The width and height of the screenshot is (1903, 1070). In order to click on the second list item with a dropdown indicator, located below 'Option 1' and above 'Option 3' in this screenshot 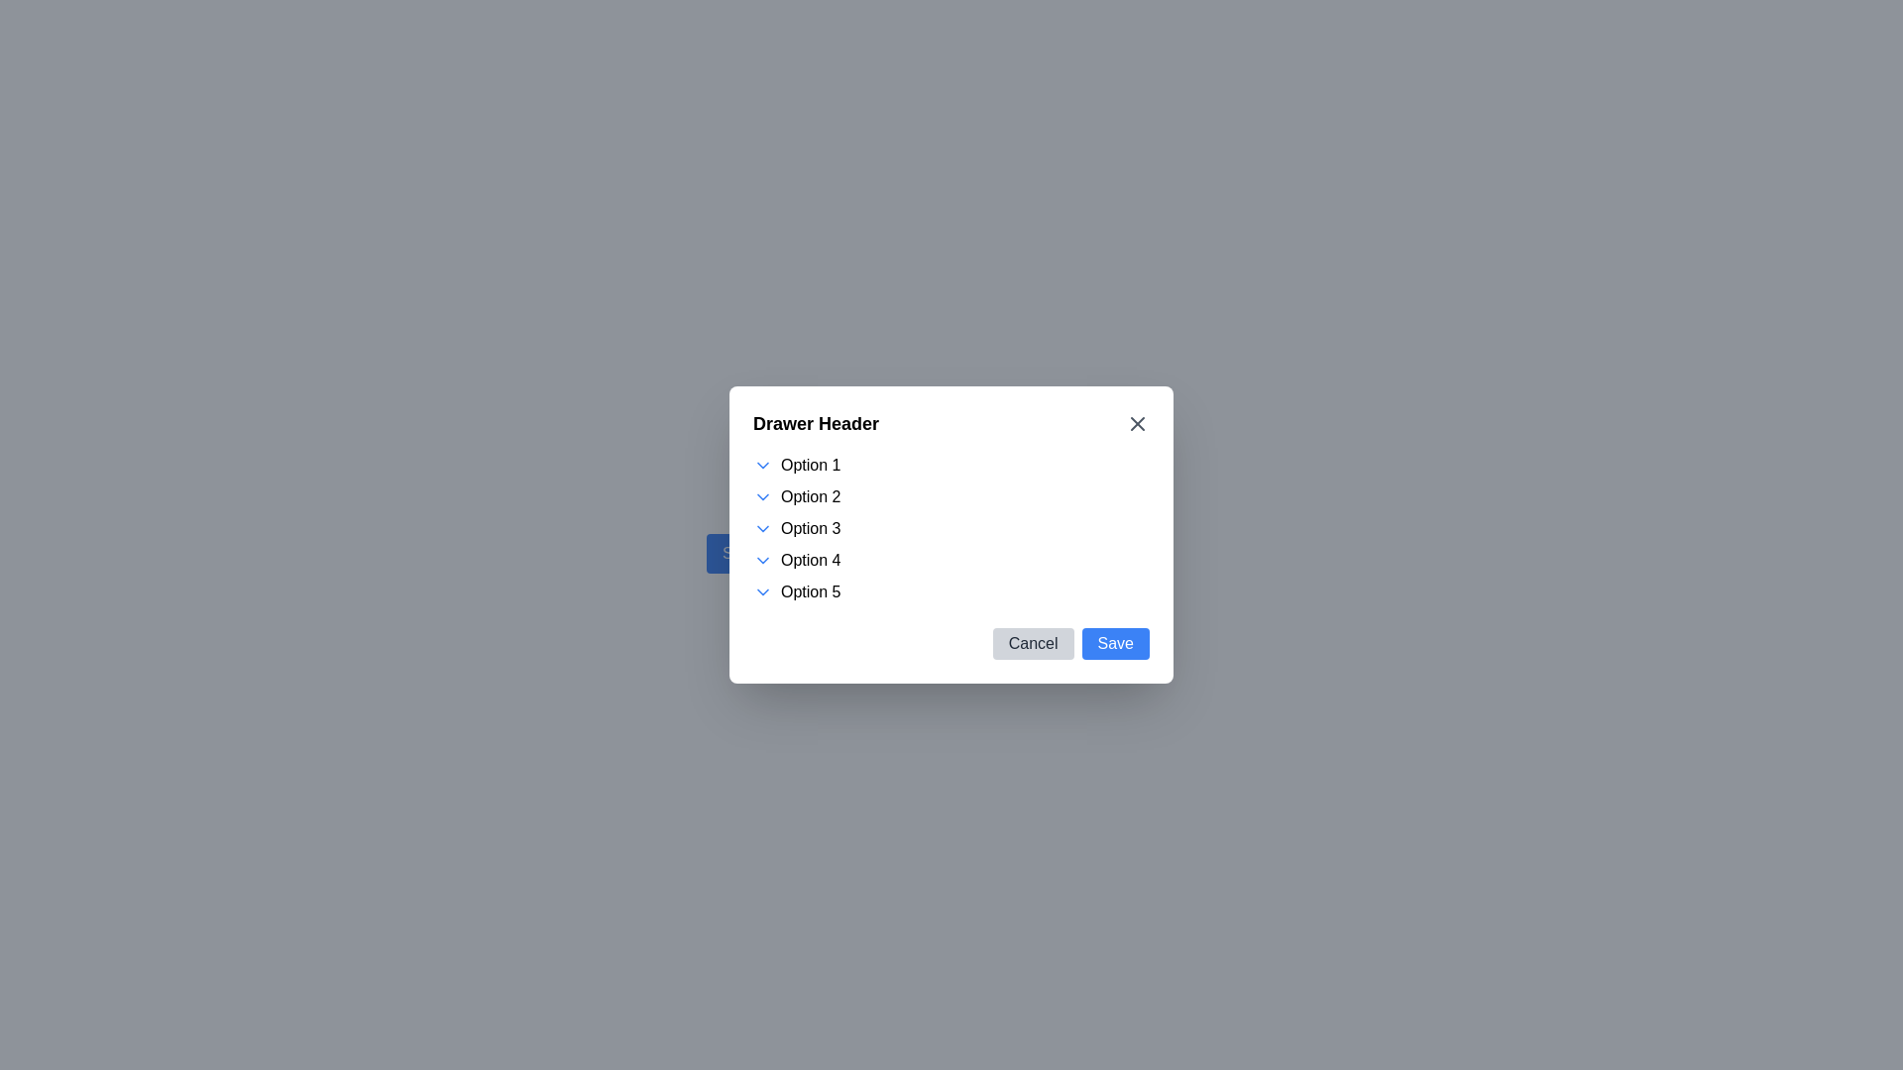, I will do `click(951, 495)`.